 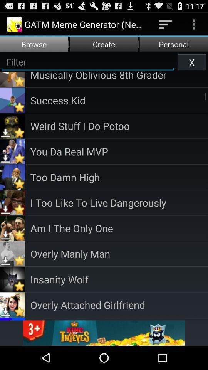 I want to click on the success kid app, so click(x=119, y=100).